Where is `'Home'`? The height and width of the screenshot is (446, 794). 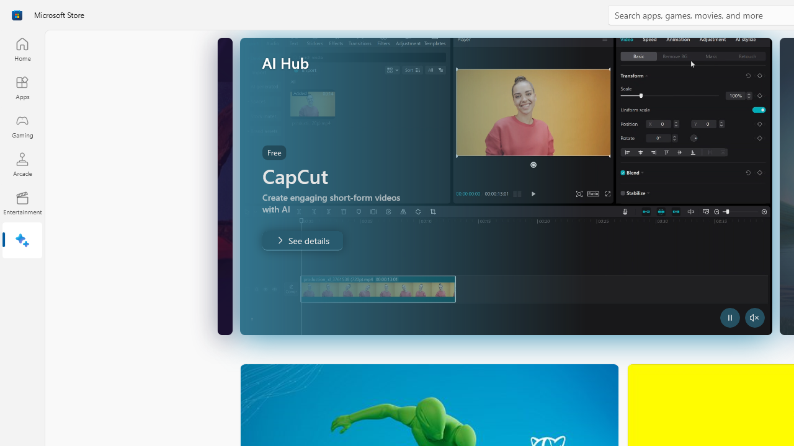
'Home' is located at coordinates (22, 48).